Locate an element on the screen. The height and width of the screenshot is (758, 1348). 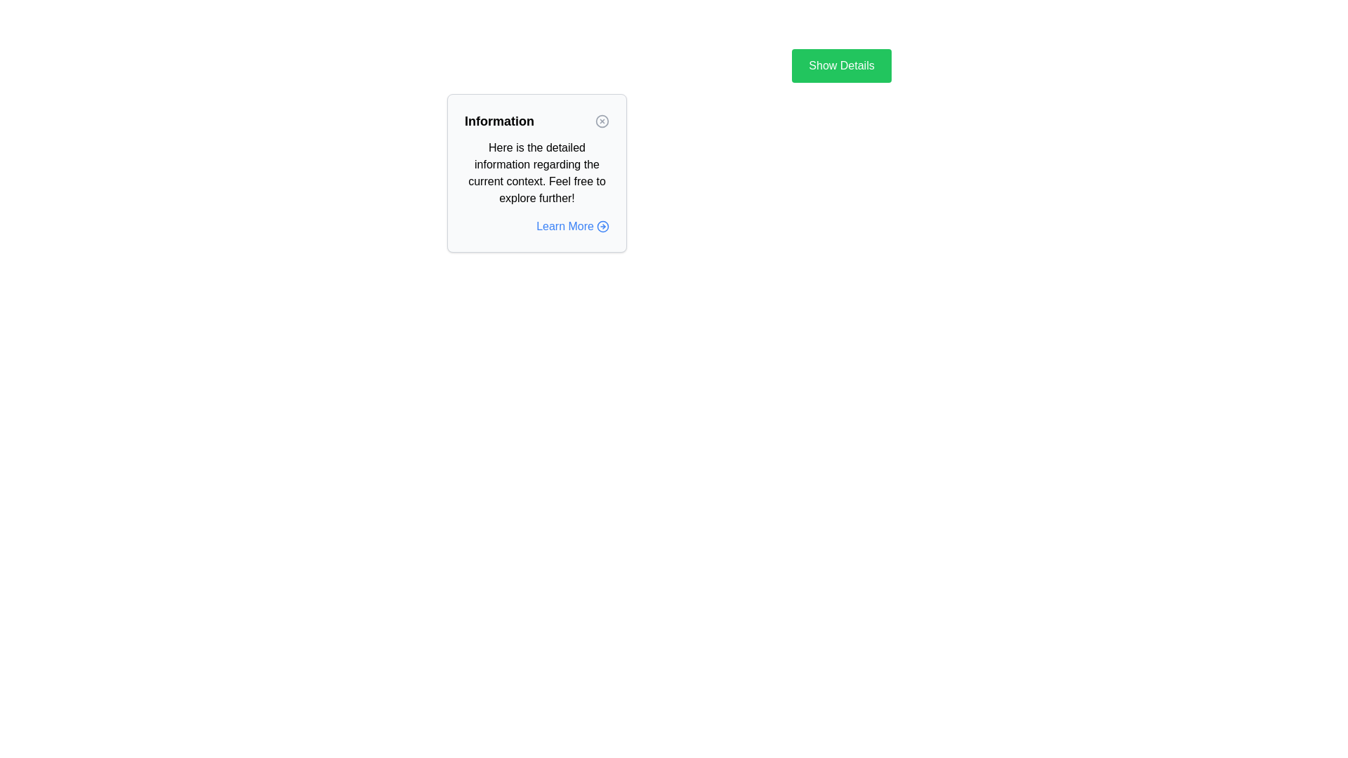
text content of the descriptive body text located in the 'Information' card, positioned between the title and the 'Learn More' link is located at coordinates (536, 172).